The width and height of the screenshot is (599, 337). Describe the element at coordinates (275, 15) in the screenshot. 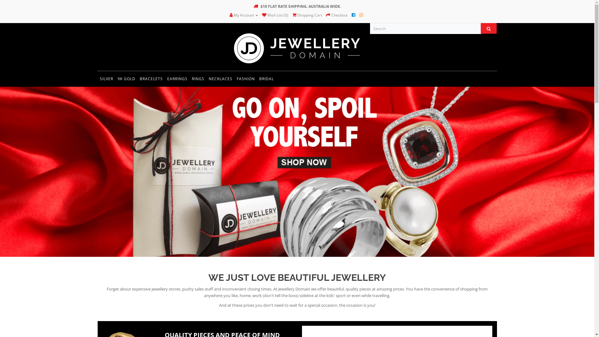

I see `'Wish List (0)'` at that location.